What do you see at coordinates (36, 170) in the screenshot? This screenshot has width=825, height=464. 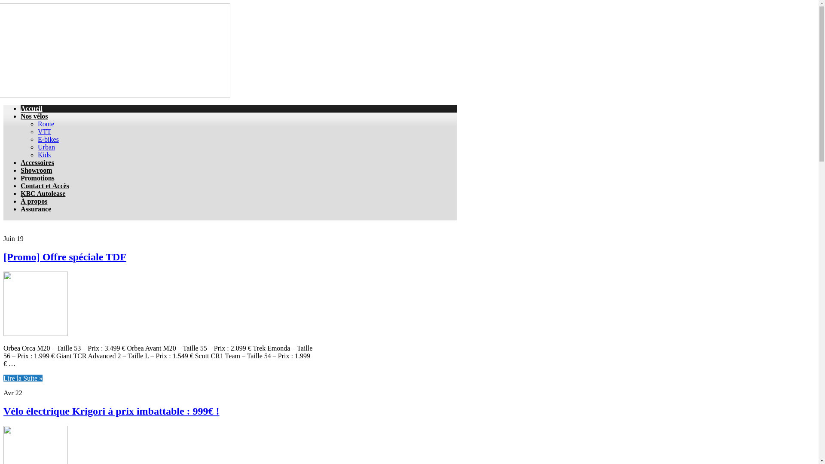 I see `'Showroom'` at bounding box center [36, 170].